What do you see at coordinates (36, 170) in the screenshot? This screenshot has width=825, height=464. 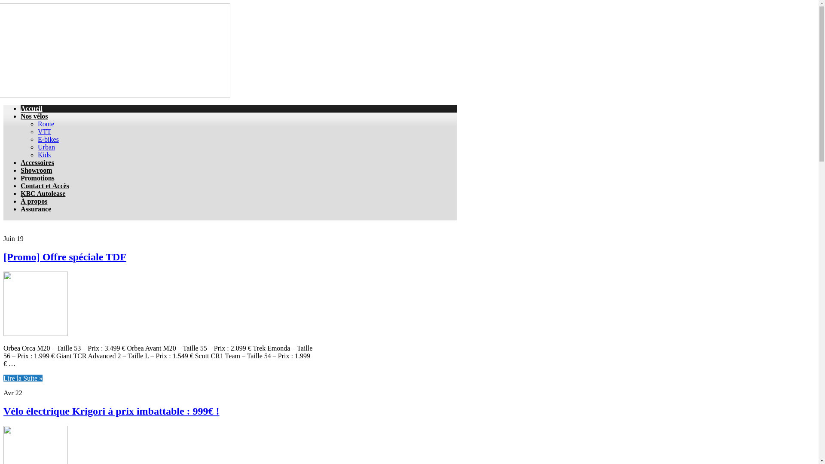 I see `'Showroom'` at bounding box center [36, 170].